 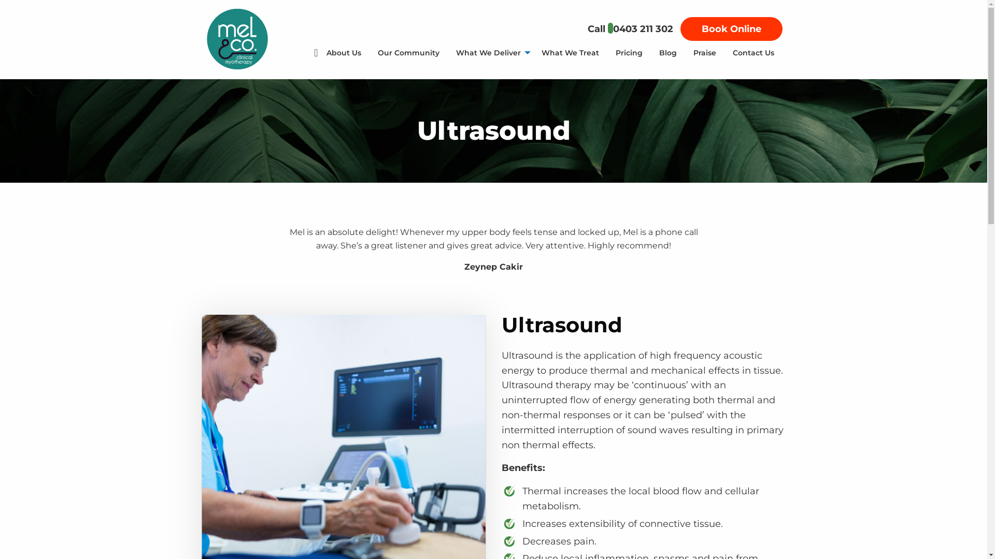 I want to click on 'Our Community', so click(x=407, y=52).